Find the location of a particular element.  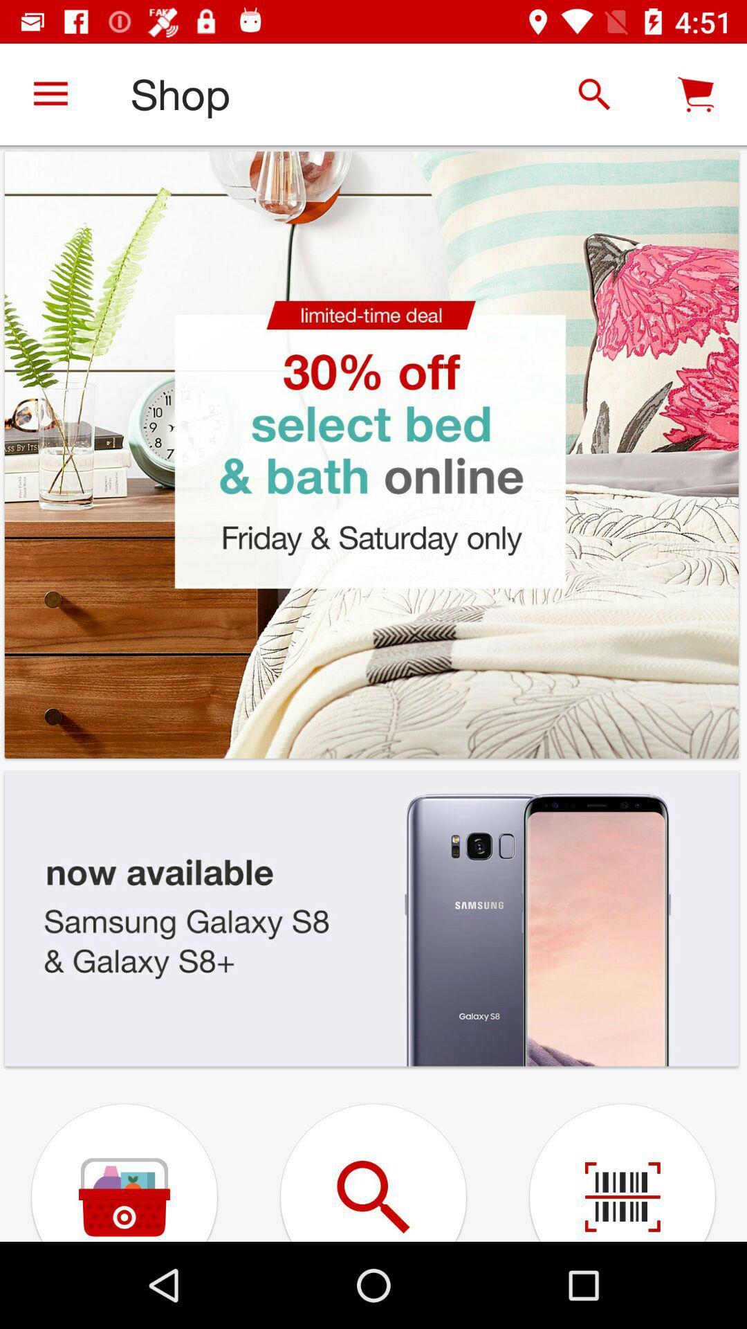

icon at the top left corner is located at coordinates (50, 93).